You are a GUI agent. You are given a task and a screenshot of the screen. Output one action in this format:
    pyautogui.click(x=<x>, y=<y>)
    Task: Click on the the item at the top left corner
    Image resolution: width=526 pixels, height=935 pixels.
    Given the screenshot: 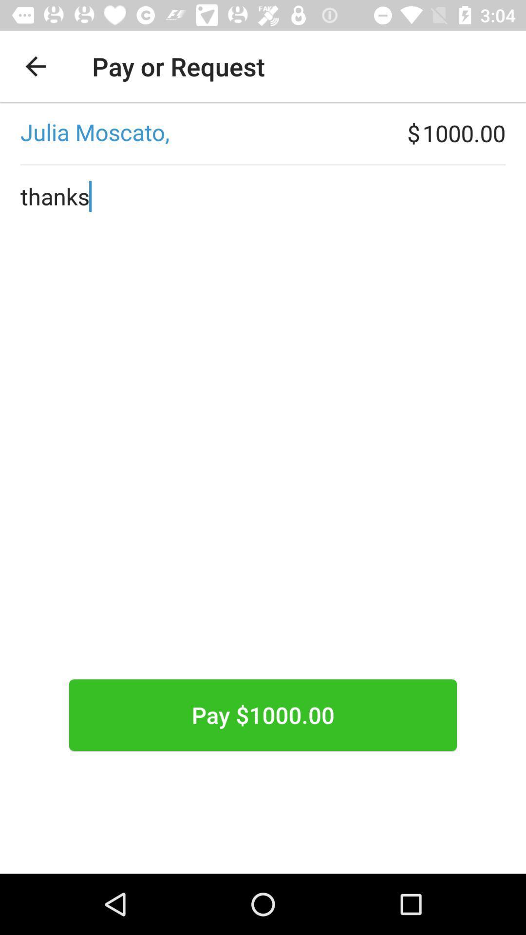 What is the action you would take?
    pyautogui.click(x=35, y=66)
    